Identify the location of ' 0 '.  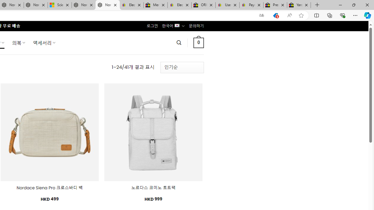
(198, 42).